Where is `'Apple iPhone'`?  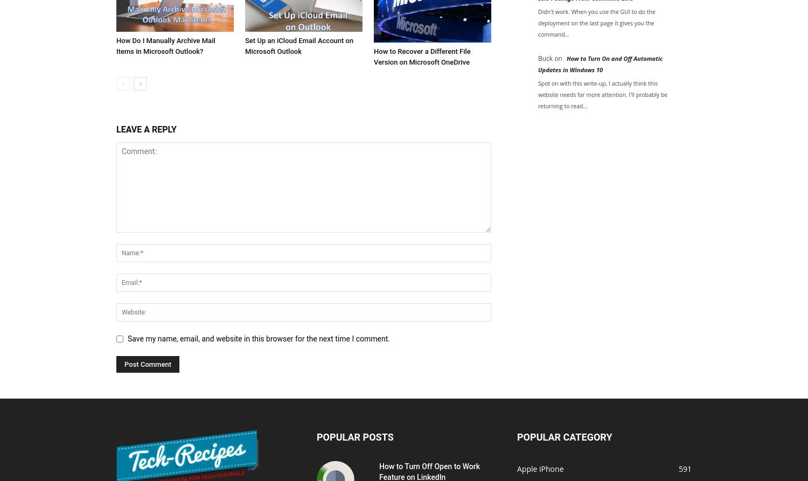
'Apple iPhone' is located at coordinates (540, 468).